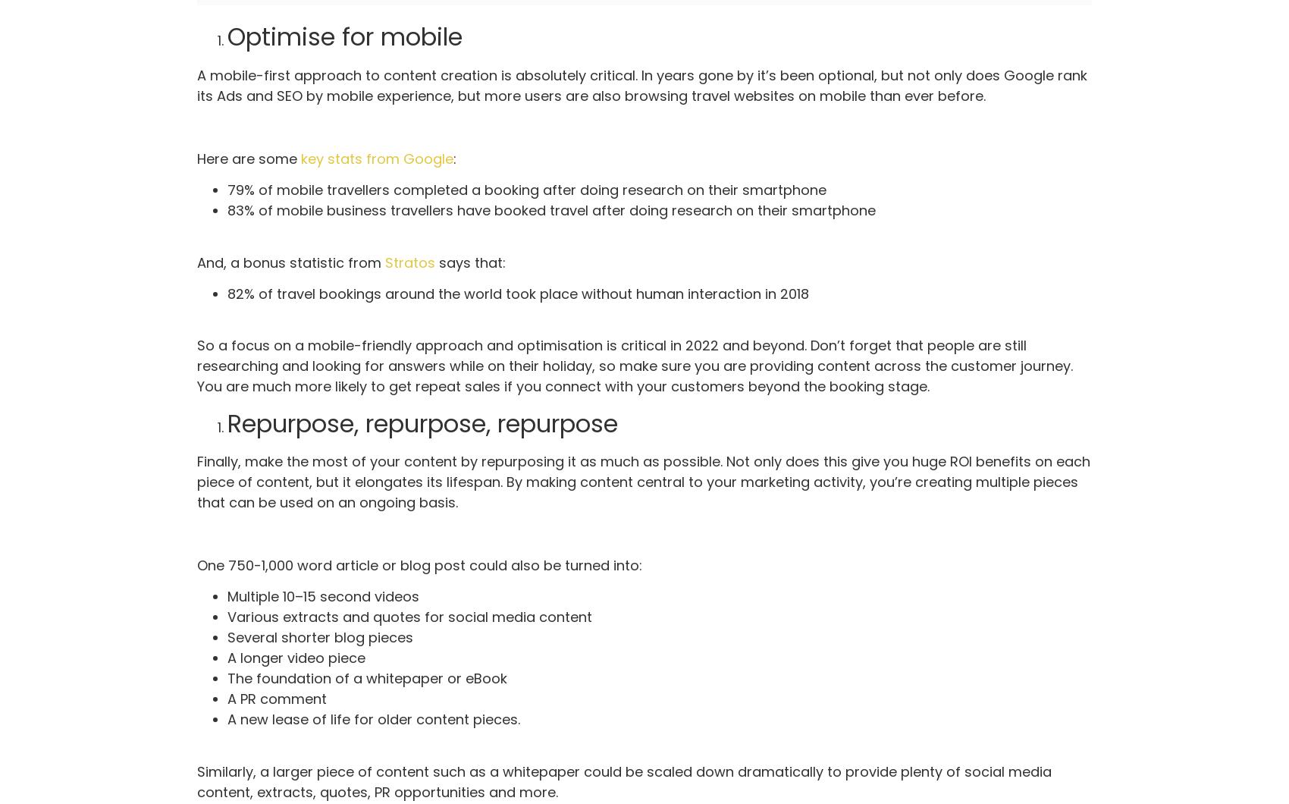  Describe the element at coordinates (419, 564) in the screenshot. I see `'One 750-1,000 word article or blog post could also be turned into:'` at that location.